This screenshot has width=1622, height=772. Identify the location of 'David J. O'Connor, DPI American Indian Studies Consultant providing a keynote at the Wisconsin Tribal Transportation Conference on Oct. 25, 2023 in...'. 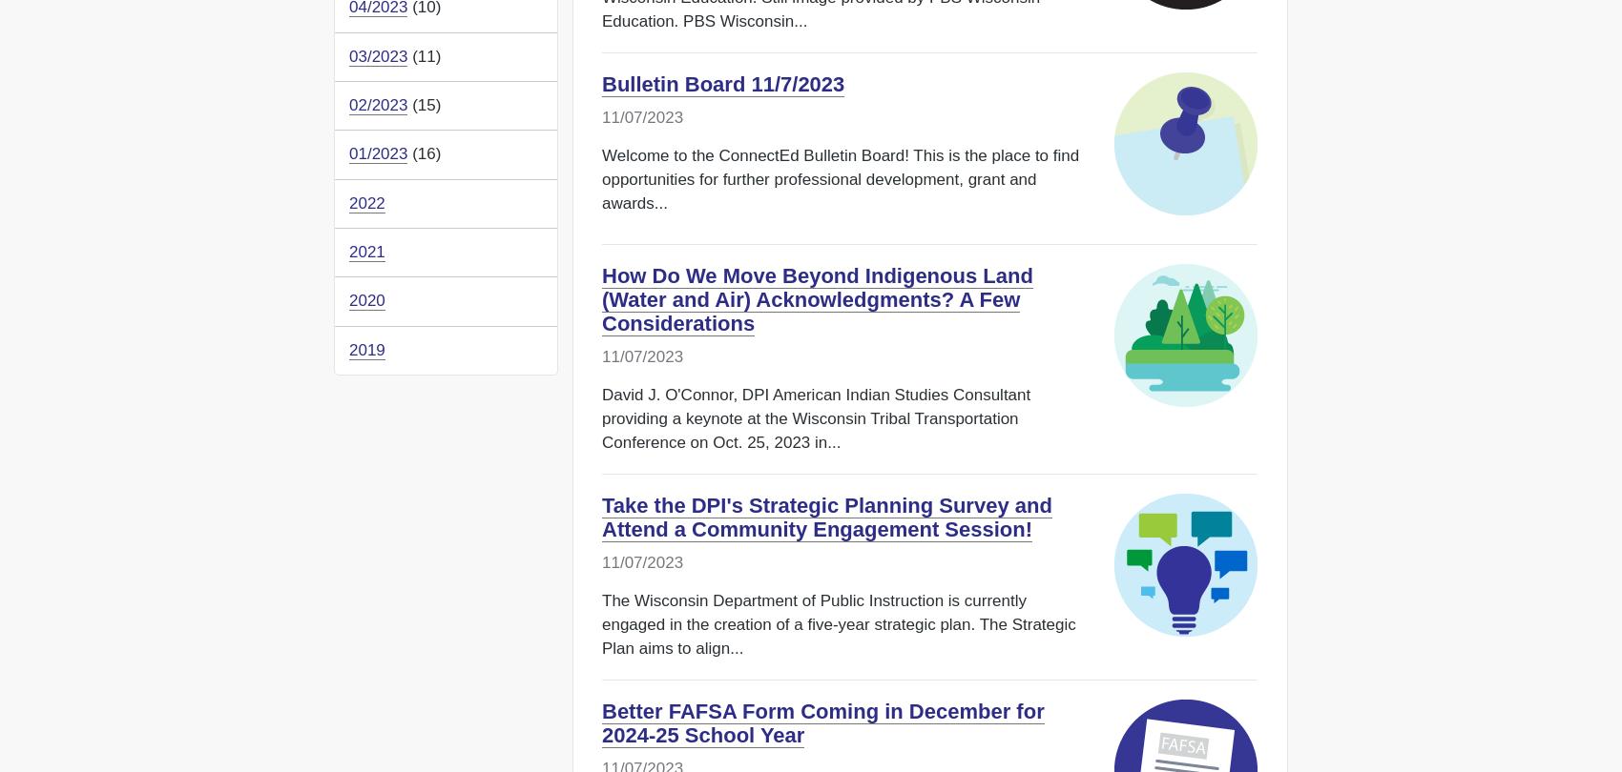
(816, 418).